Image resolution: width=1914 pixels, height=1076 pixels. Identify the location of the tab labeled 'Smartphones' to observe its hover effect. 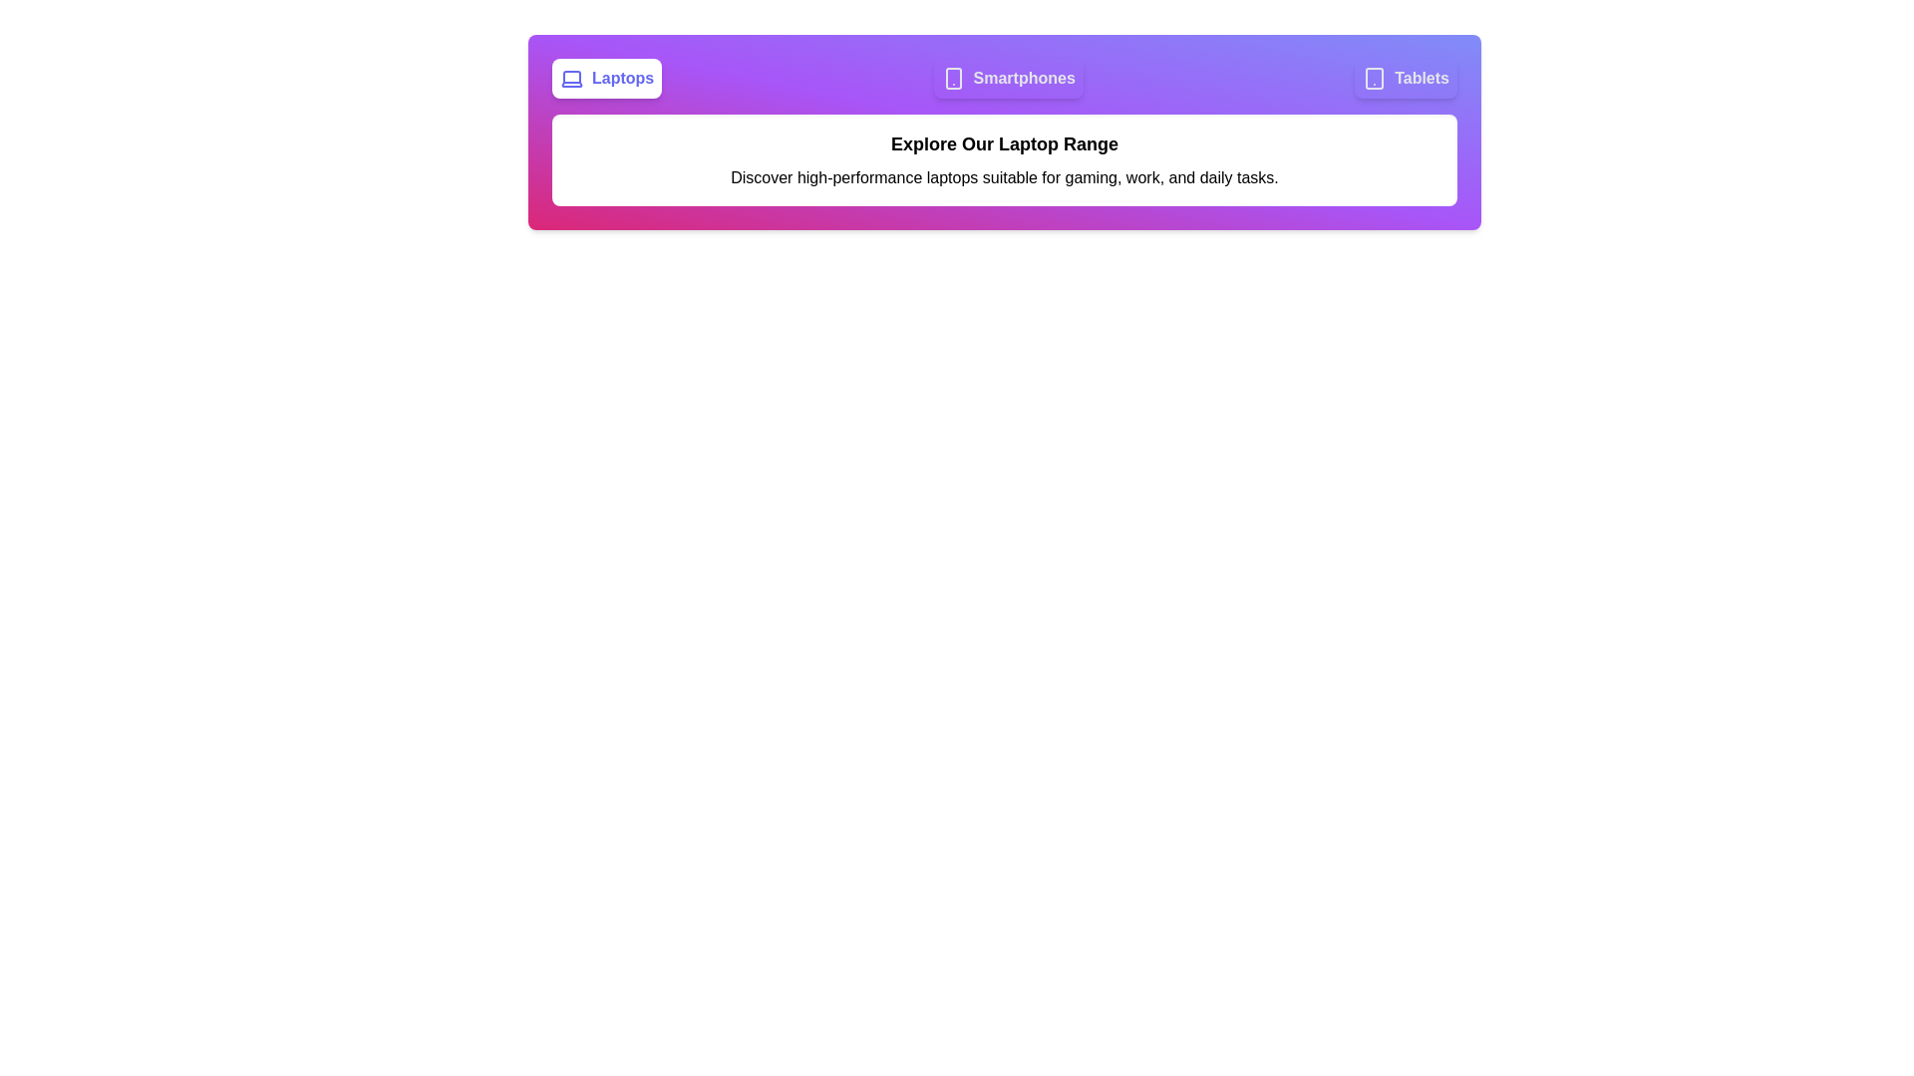
(1009, 77).